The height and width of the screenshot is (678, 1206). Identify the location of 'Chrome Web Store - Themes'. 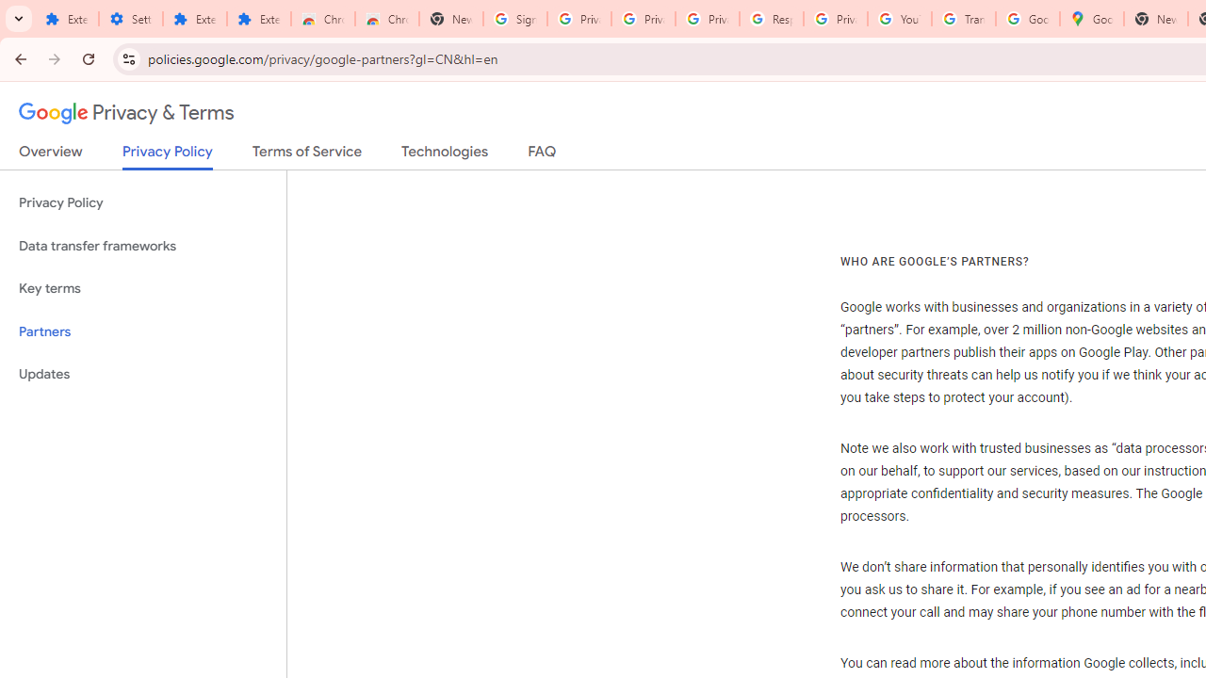
(386, 19).